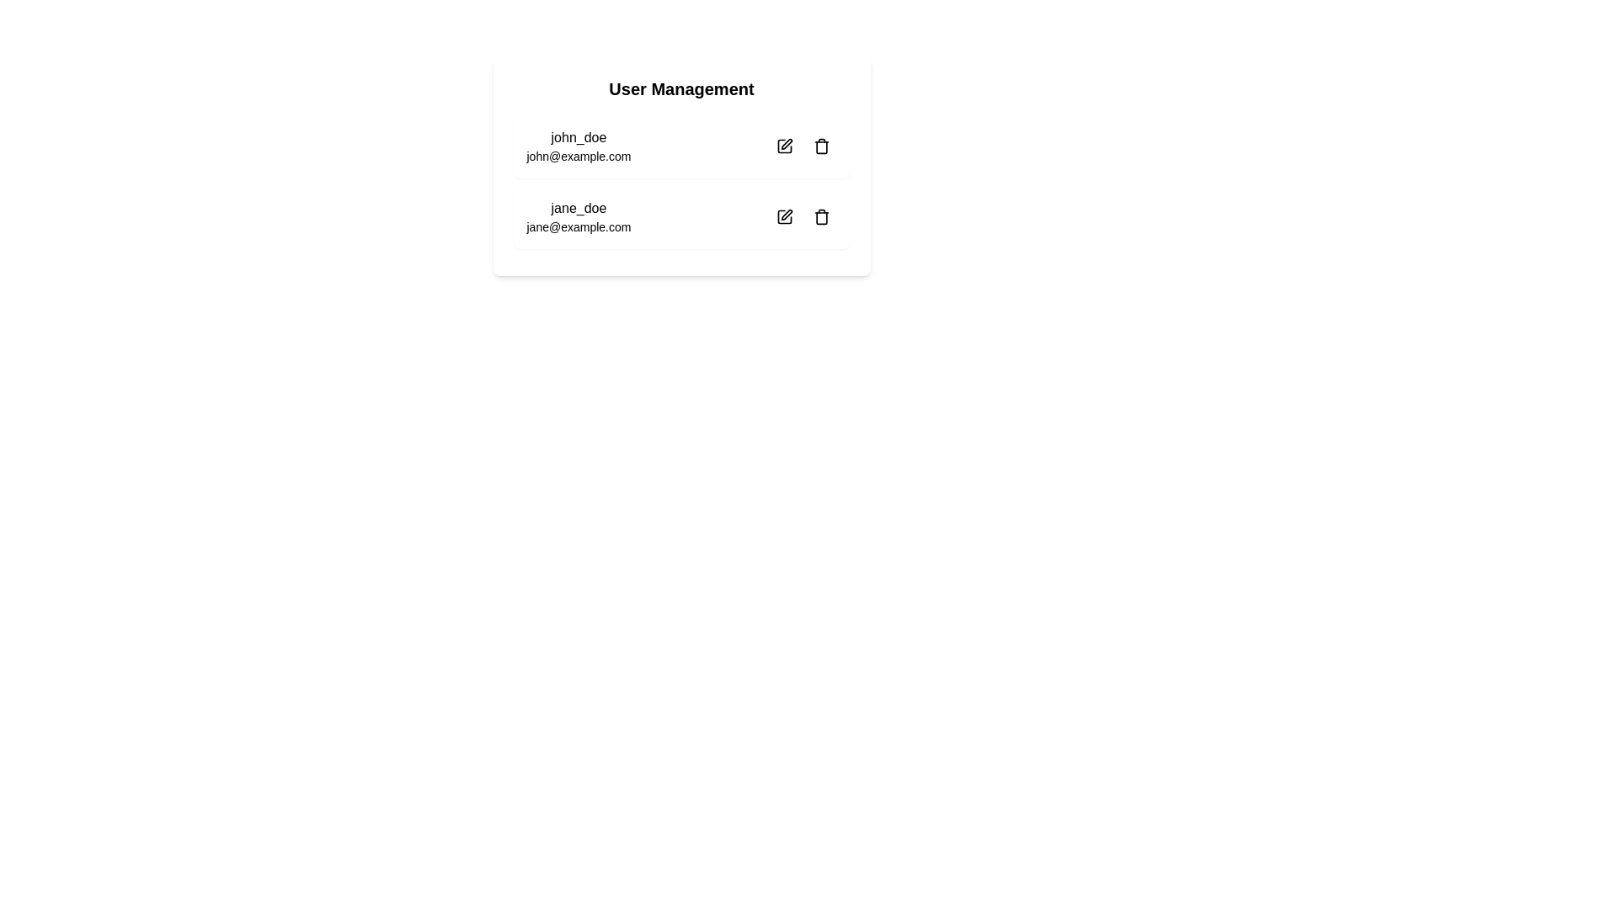  I want to click on the square-shaped edit icon with a pen overlay located to the right of the user information for 'john_doe' to initiate edit mode, so click(783, 145).